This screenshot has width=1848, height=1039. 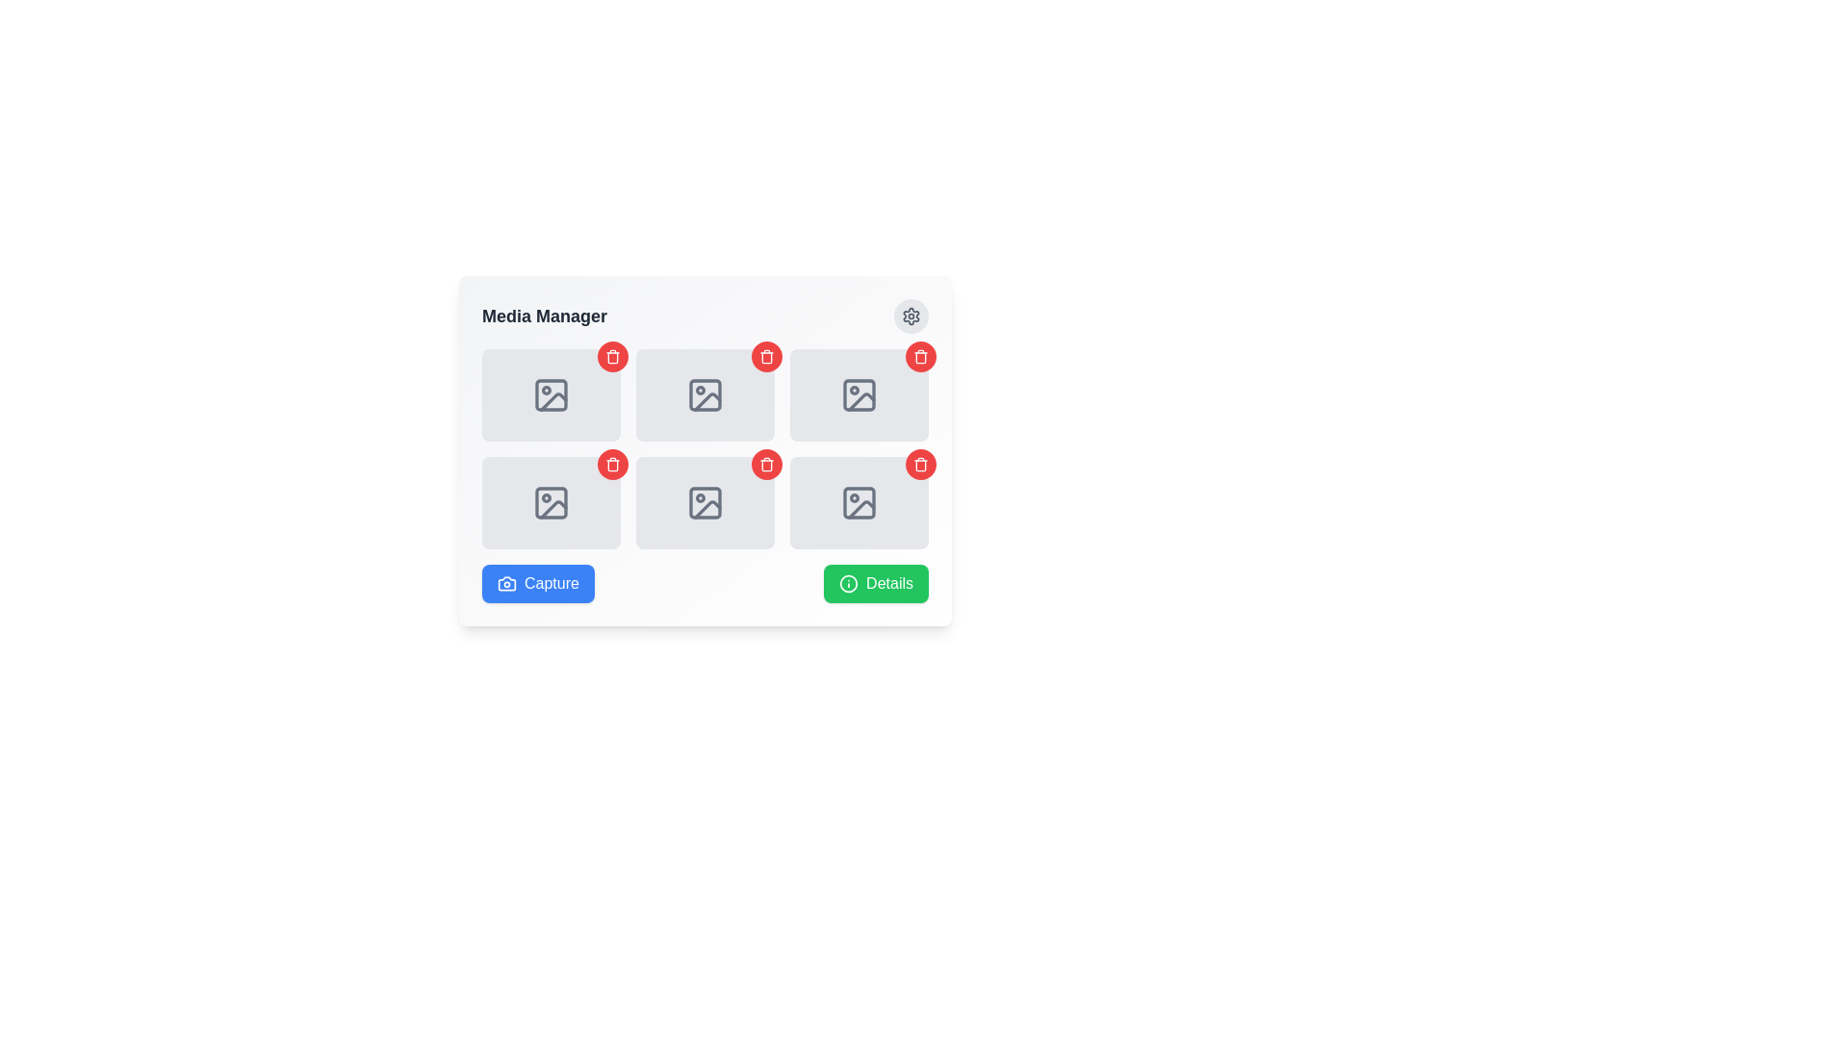 What do you see at coordinates (765, 464) in the screenshot?
I see `the trash bin icon button, which is styled as a red circular button with white lines, located at the top-right corner of the fourth placeholder image in a grid of six` at bounding box center [765, 464].